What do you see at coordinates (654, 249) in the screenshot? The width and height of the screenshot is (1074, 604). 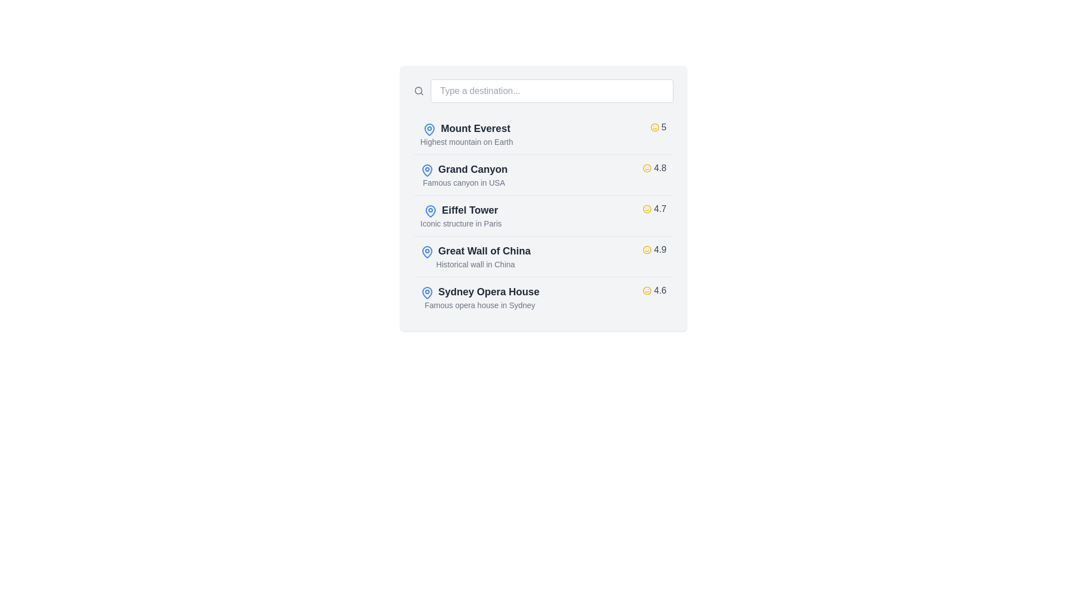 I see `the Rating display for 'Great Wall of China', which shows a smiley face icon and a numerical value to indicate the rating score` at bounding box center [654, 249].